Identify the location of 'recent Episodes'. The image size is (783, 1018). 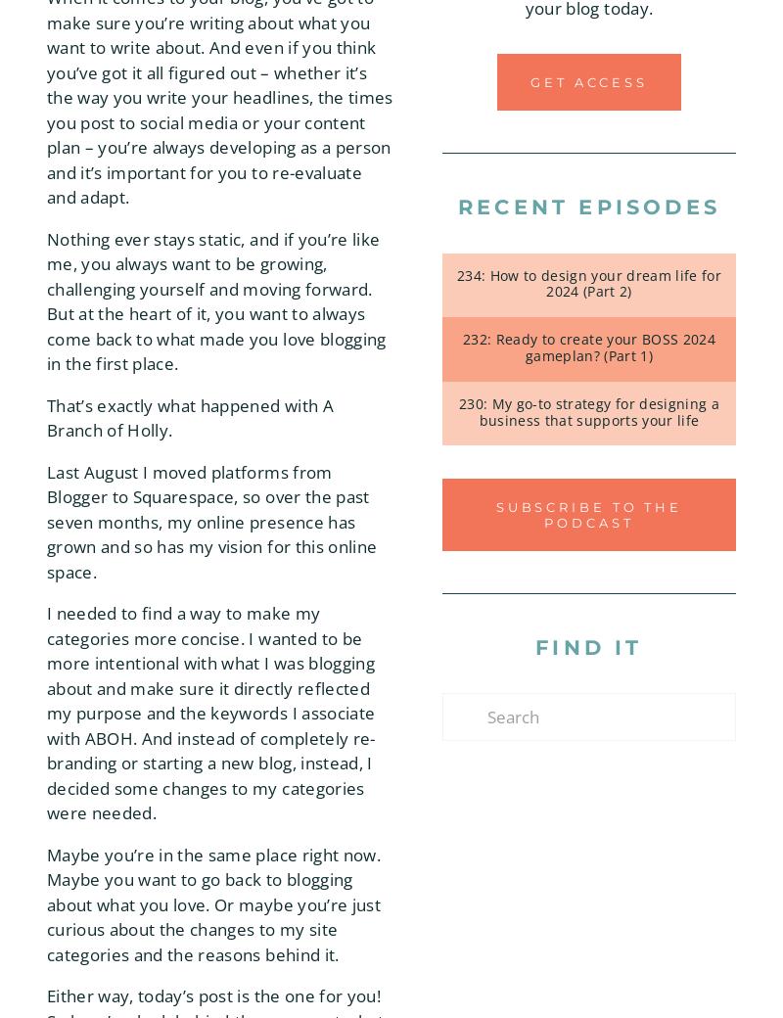
(589, 207).